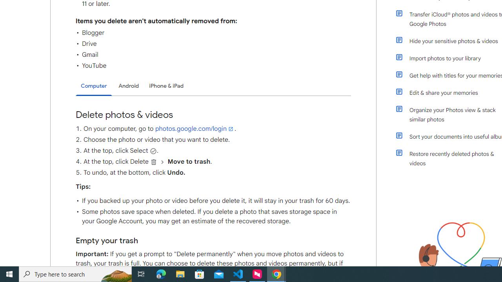 The height and width of the screenshot is (282, 502). I want to click on 'iPhone & iPad', so click(166, 86).